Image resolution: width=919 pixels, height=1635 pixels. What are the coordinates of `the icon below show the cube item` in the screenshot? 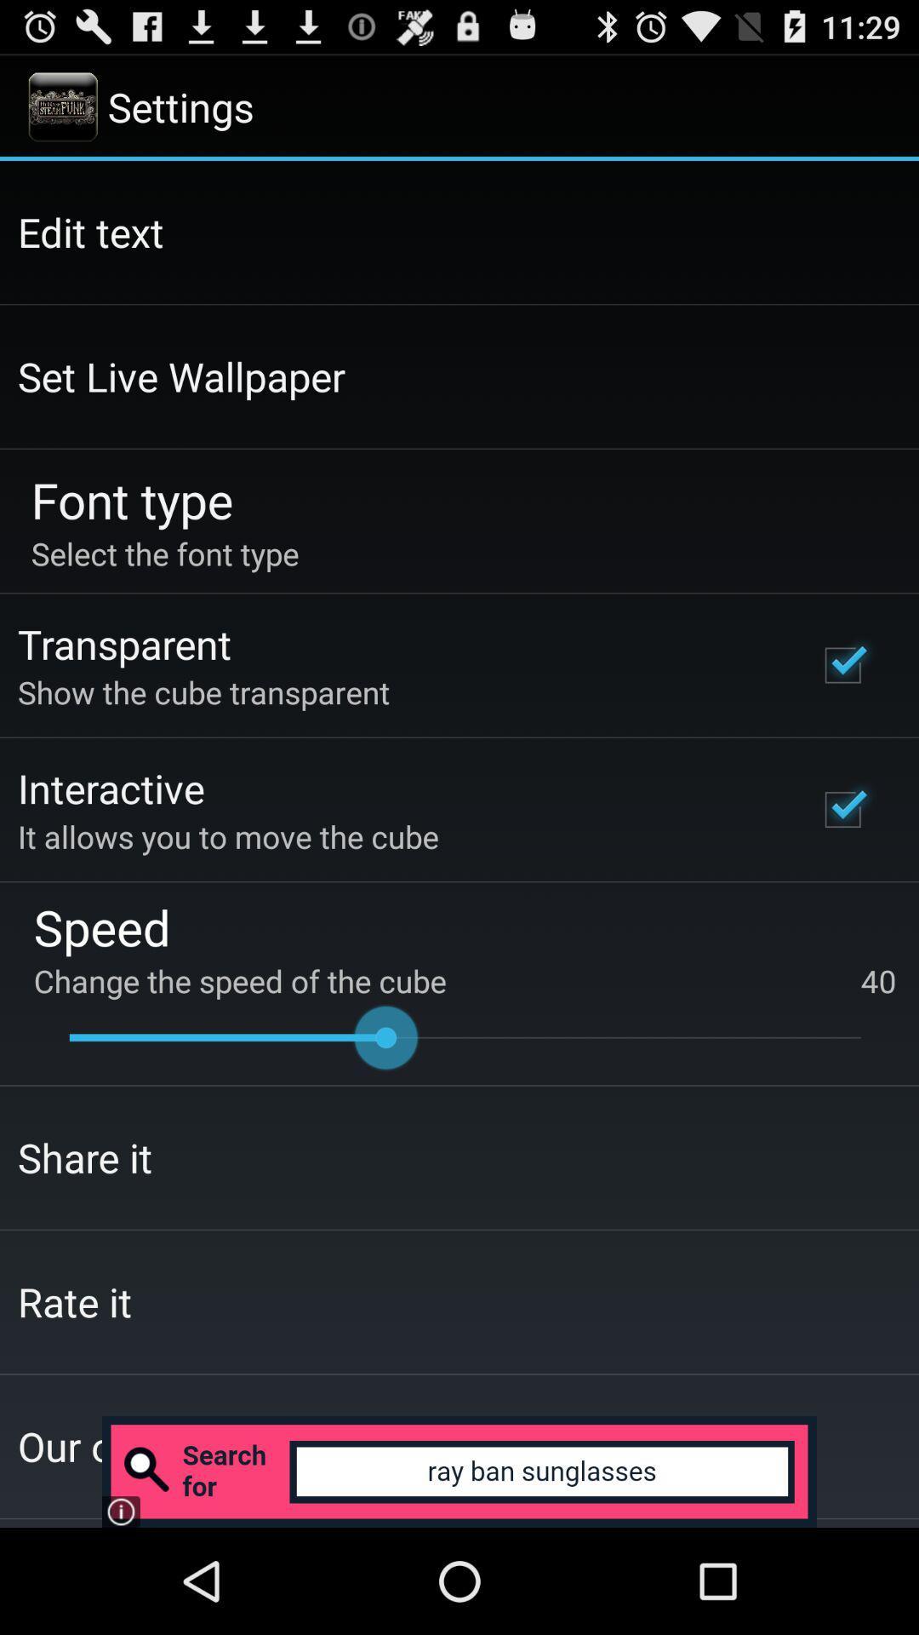 It's located at (111, 787).